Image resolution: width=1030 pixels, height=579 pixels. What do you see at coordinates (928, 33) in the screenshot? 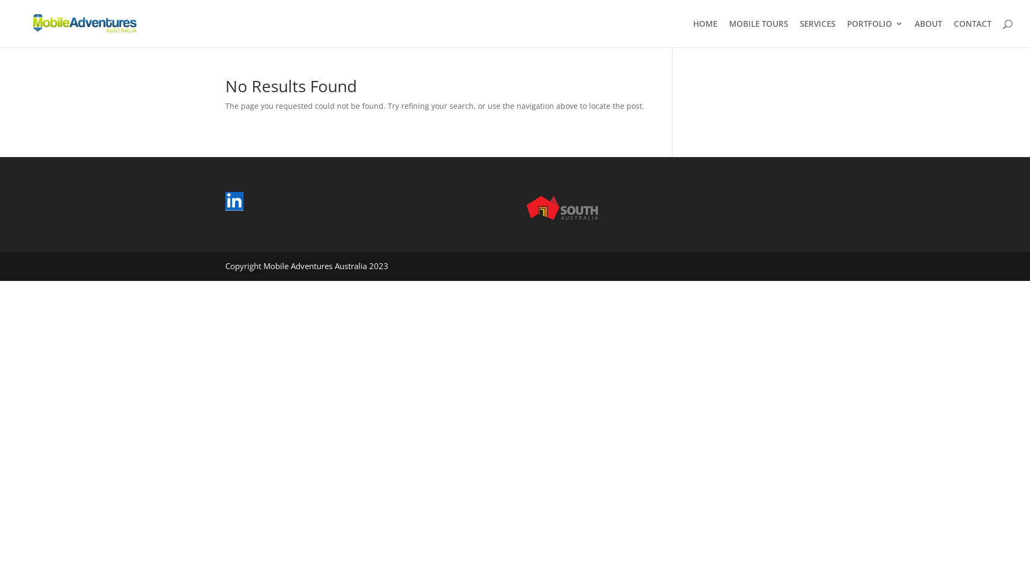
I see `'ABOUT'` at bounding box center [928, 33].